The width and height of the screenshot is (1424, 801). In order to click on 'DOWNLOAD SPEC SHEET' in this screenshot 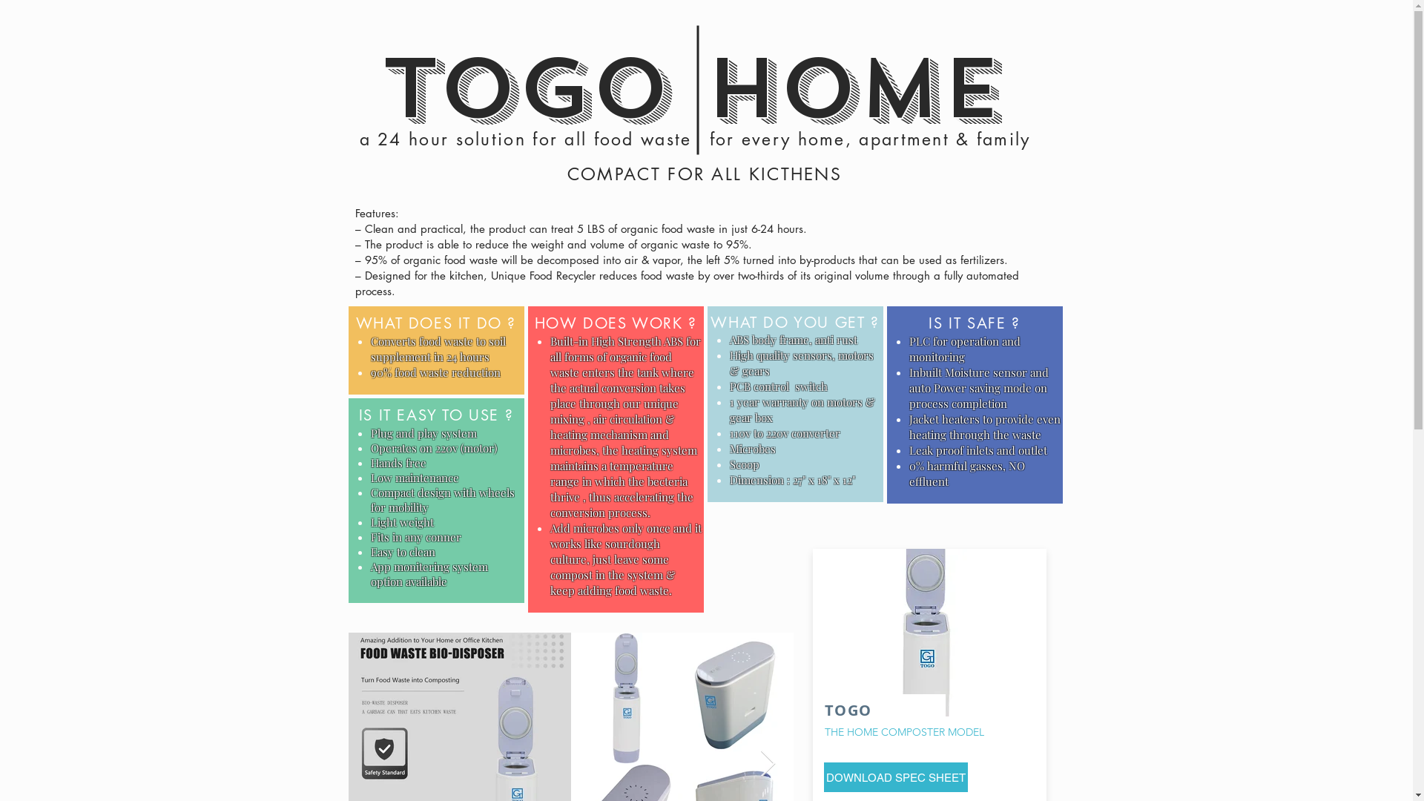, I will do `click(822, 777)`.